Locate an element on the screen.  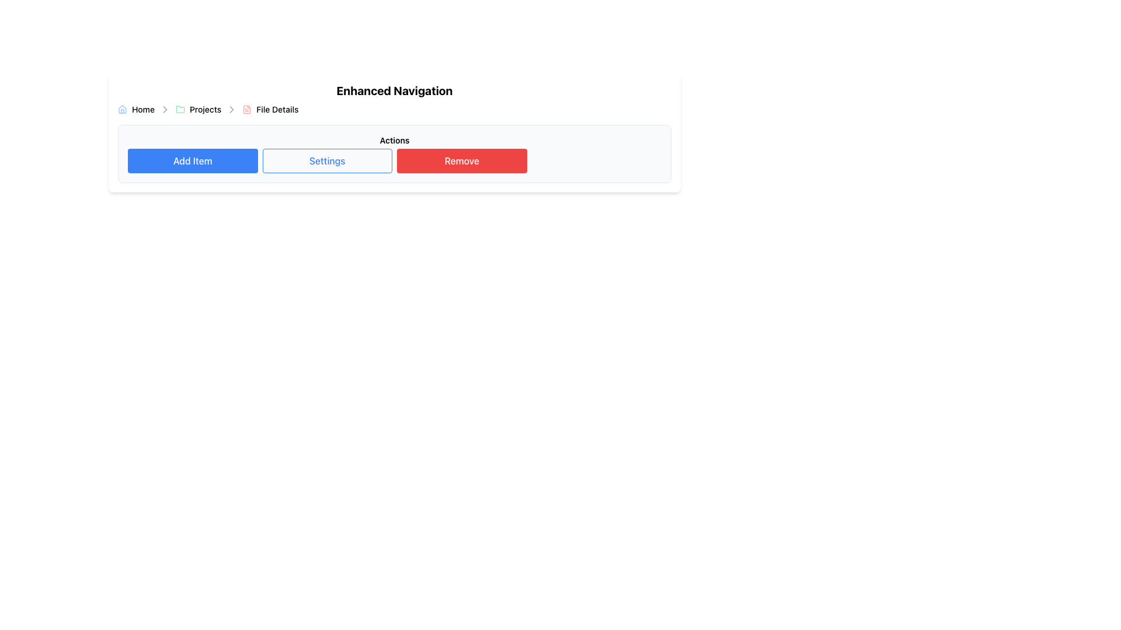
the arrow icon separator located between 'Home' and 'Projects' in the breadcrumb navigation is located at coordinates (165, 110).